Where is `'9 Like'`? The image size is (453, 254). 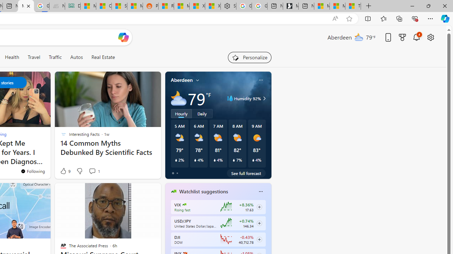
'9 Like' is located at coordinates (65, 171).